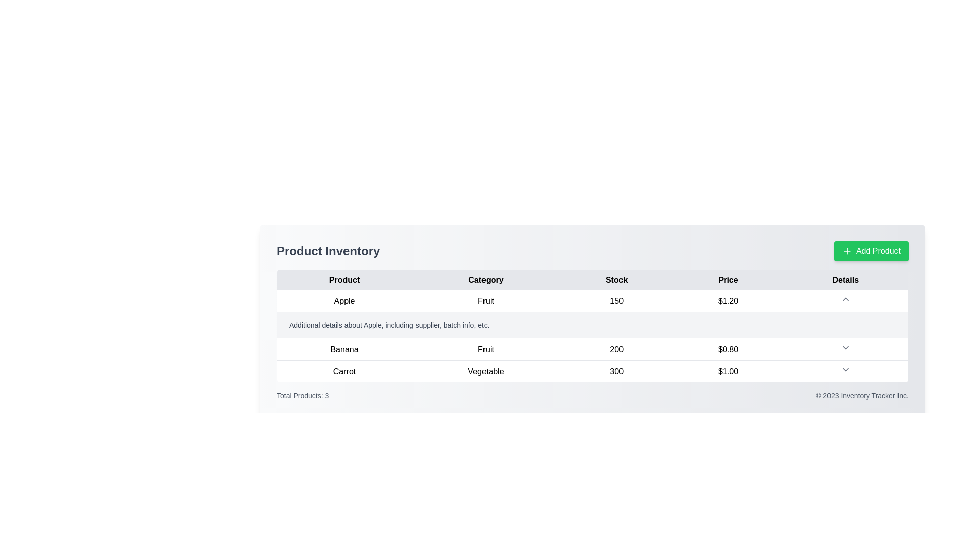 The image size is (967, 544). Describe the element at coordinates (846, 280) in the screenshot. I see `the static text label that serves as the last column header in a tabular data structure, specifically the 'Details' column` at that location.